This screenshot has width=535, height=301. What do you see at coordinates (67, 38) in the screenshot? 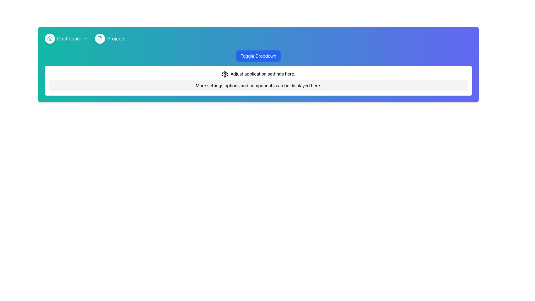
I see `the 'Dashboard' clickable link in the upper-left section of the navigation bar` at bounding box center [67, 38].